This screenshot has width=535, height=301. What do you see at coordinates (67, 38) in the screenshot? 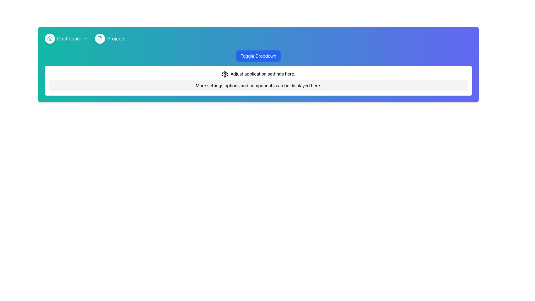
I see `the 'Dashboard' clickable link in the upper-left section of the navigation bar` at bounding box center [67, 38].